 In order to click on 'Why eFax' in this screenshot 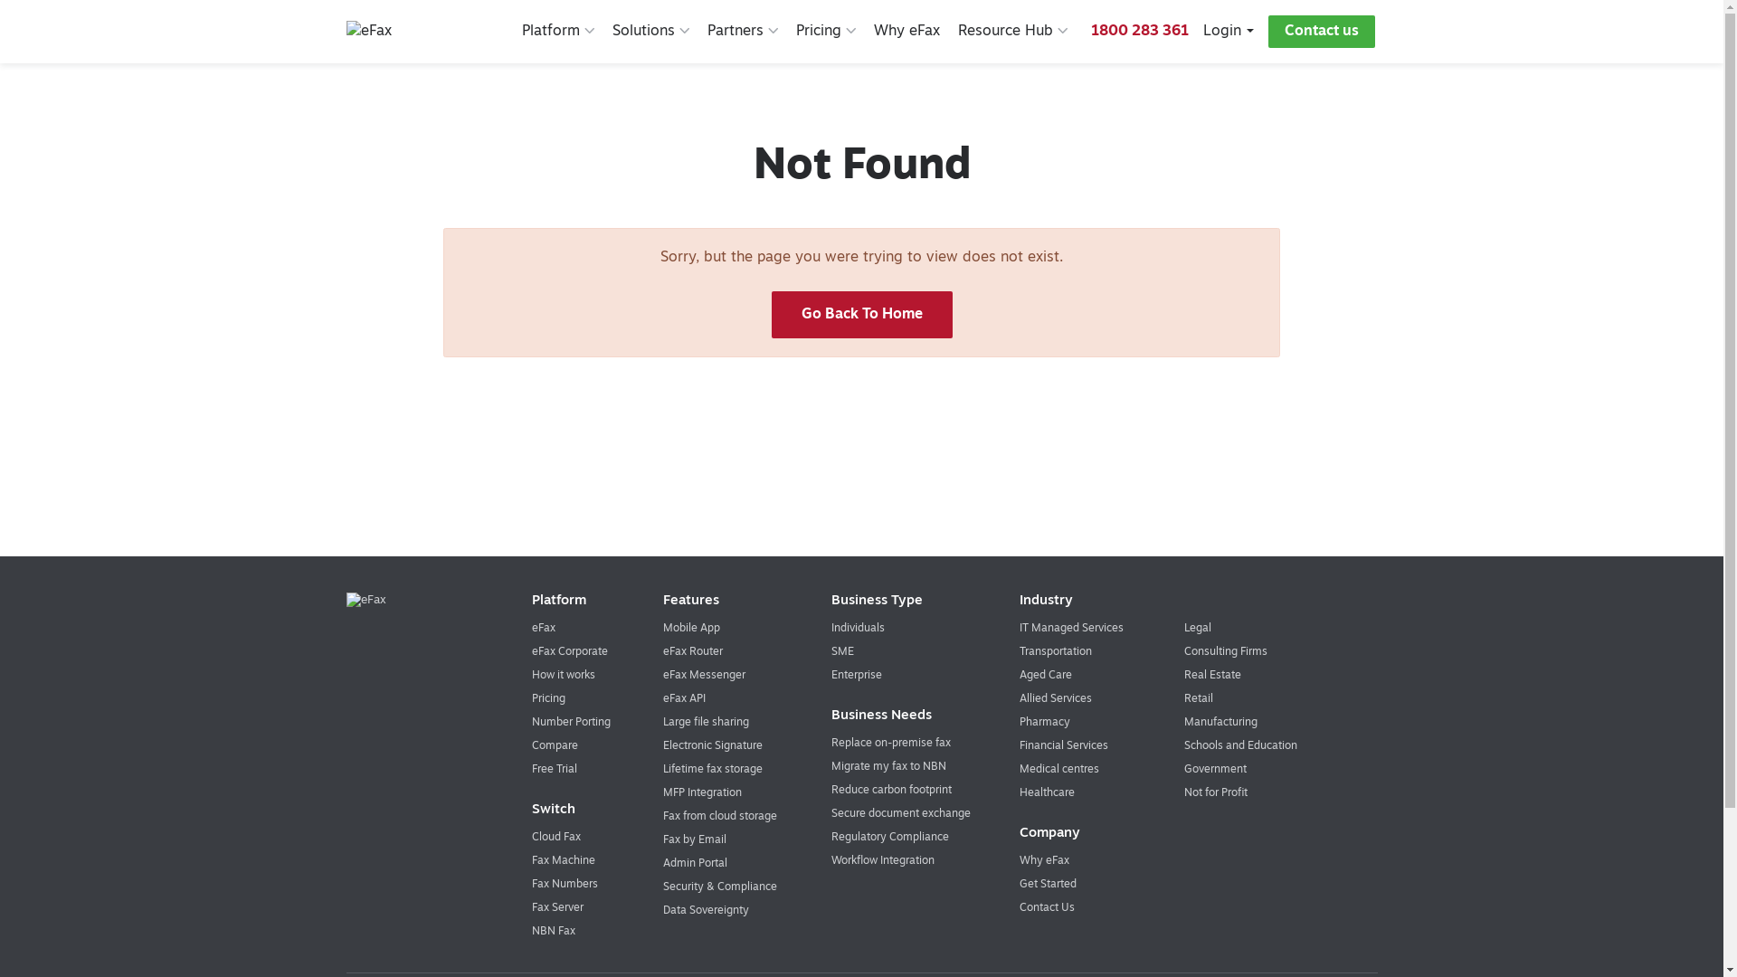, I will do `click(906, 31)`.